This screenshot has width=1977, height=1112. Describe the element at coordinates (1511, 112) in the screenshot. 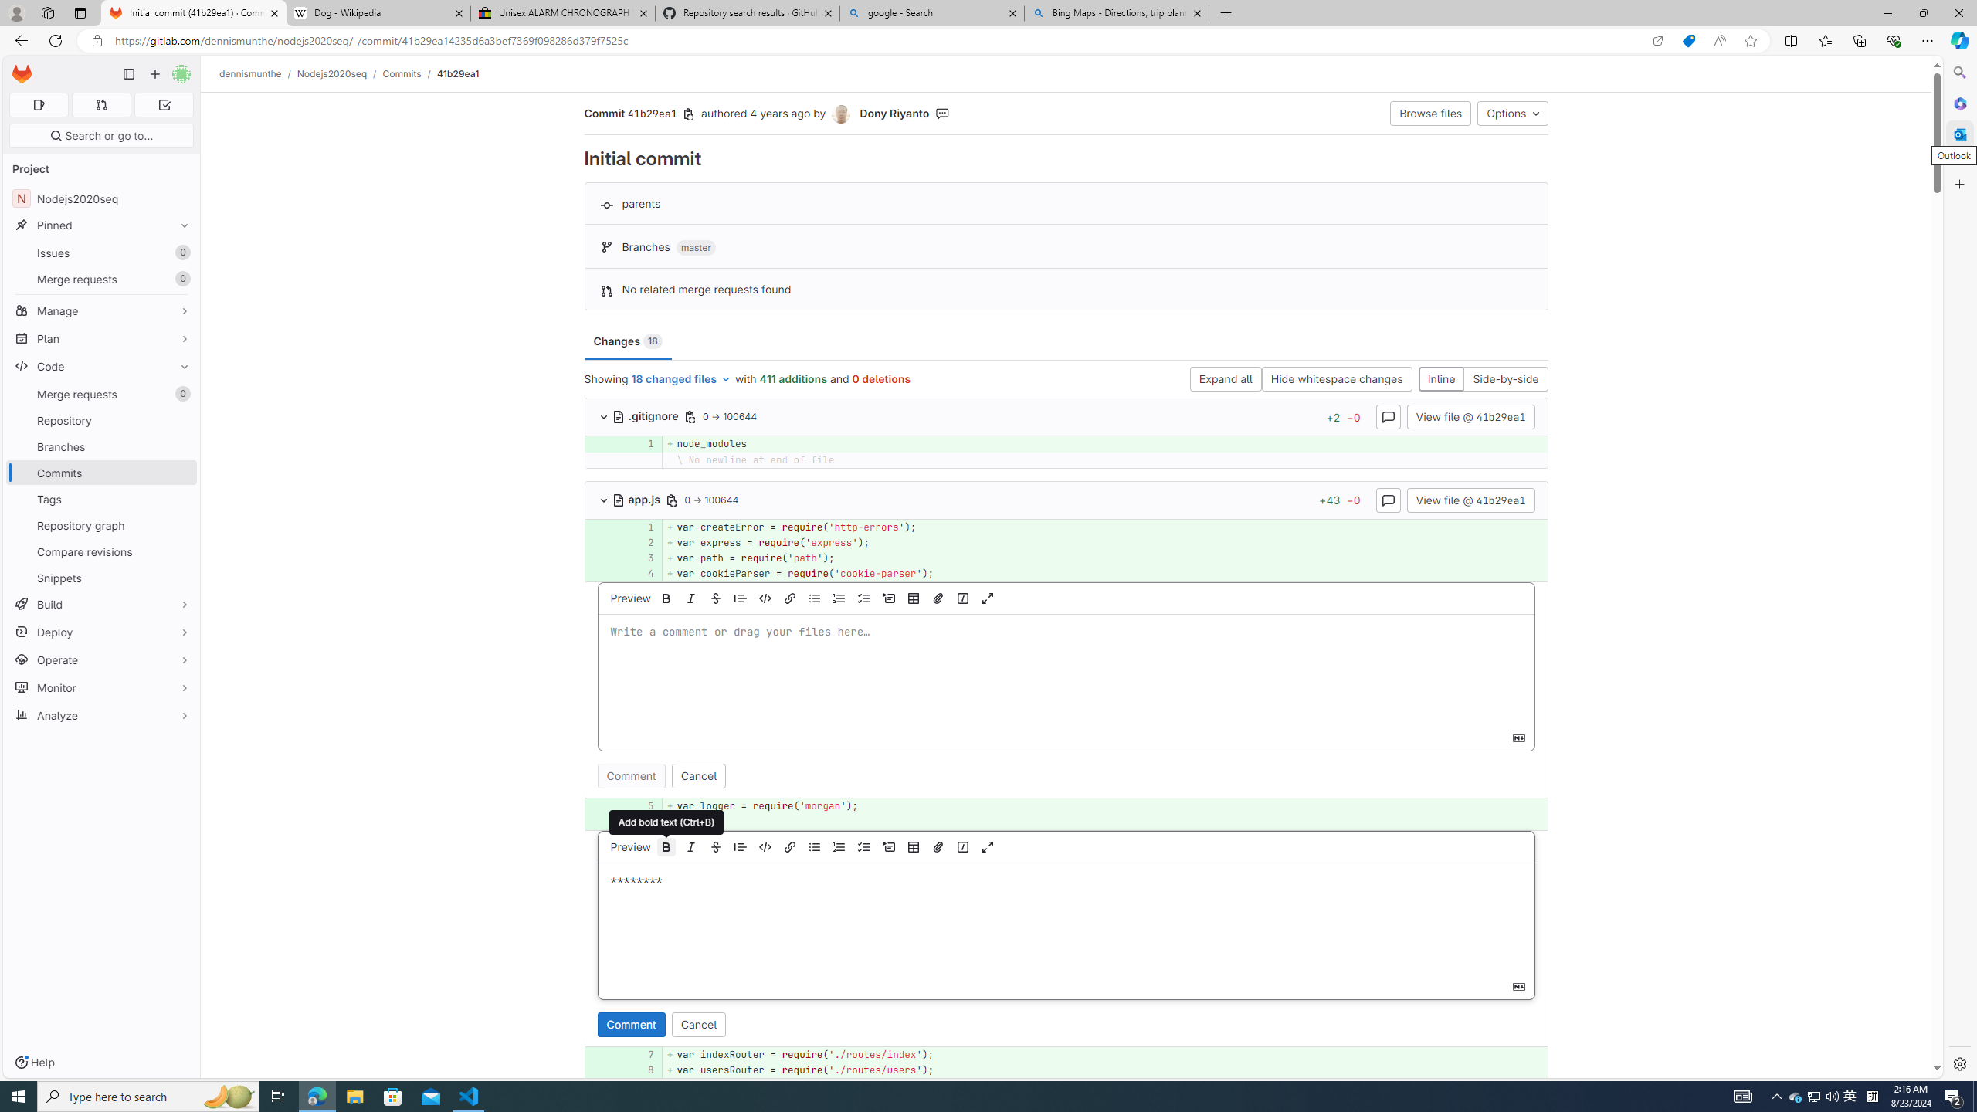

I see `'Options'` at that location.